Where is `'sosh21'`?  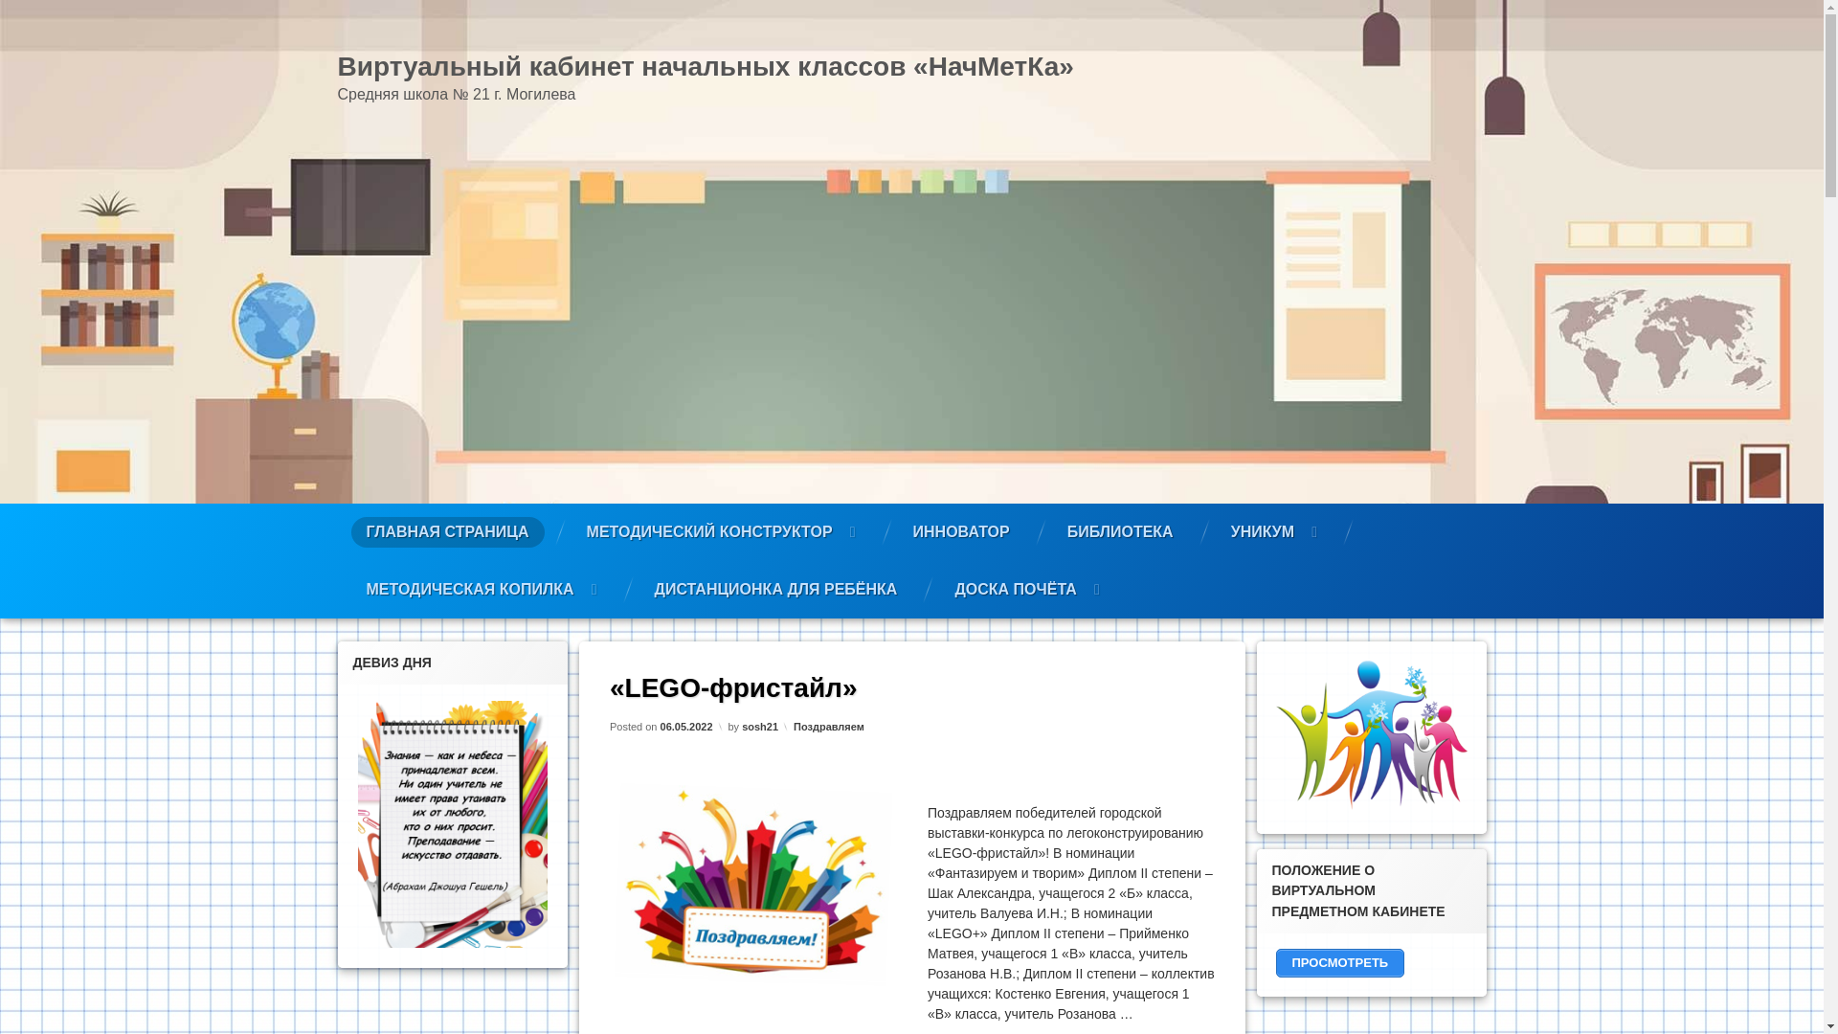 'sosh21' is located at coordinates (758, 726).